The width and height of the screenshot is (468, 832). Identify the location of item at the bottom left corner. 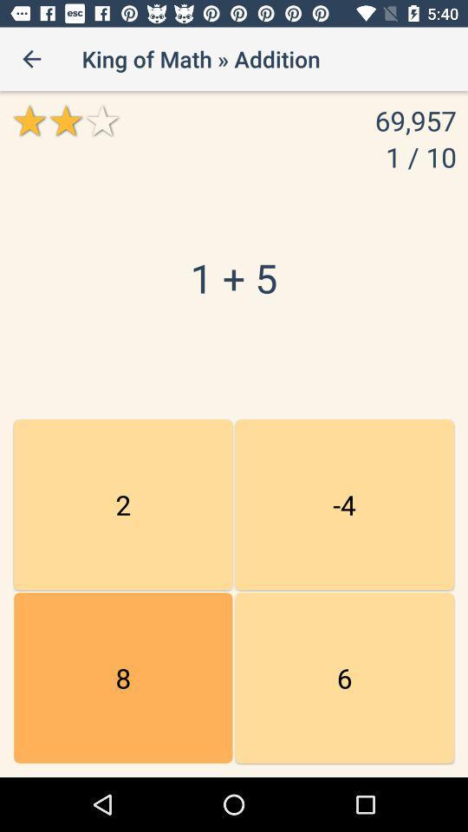
(122, 678).